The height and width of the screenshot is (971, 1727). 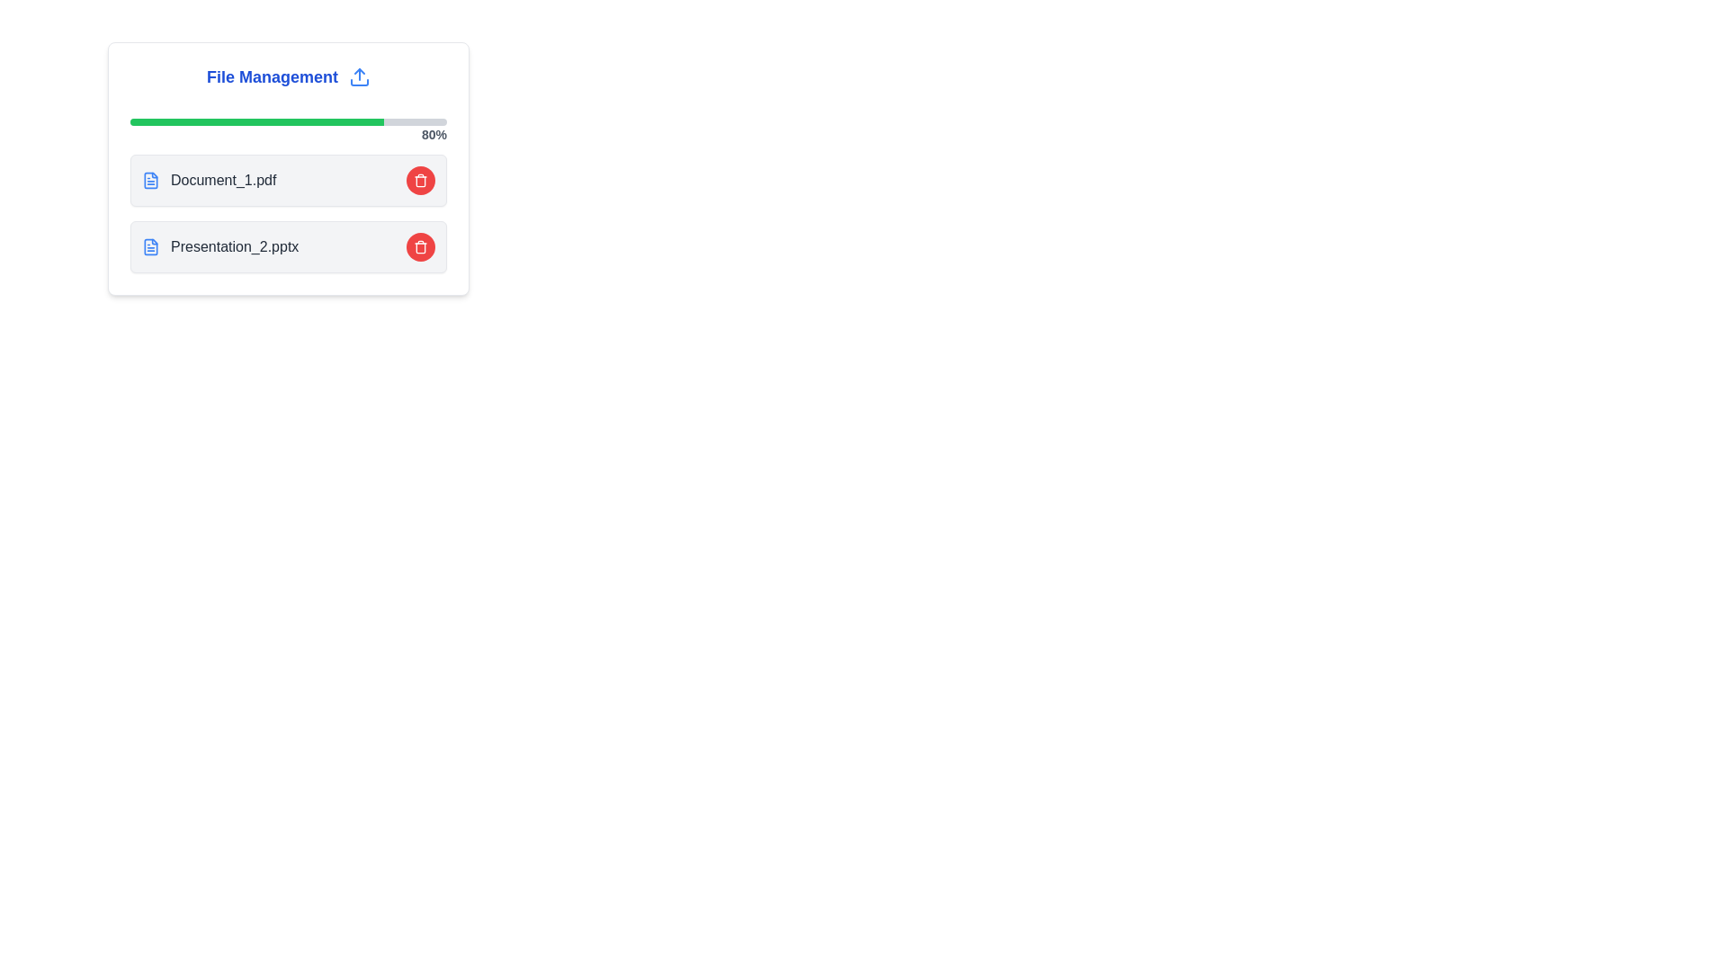 What do you see at coordinates (289, 246) in the screenshot?
I see `the file name 'Presentation_2.pptx' in the file management system` at bounding box center [289, 246].